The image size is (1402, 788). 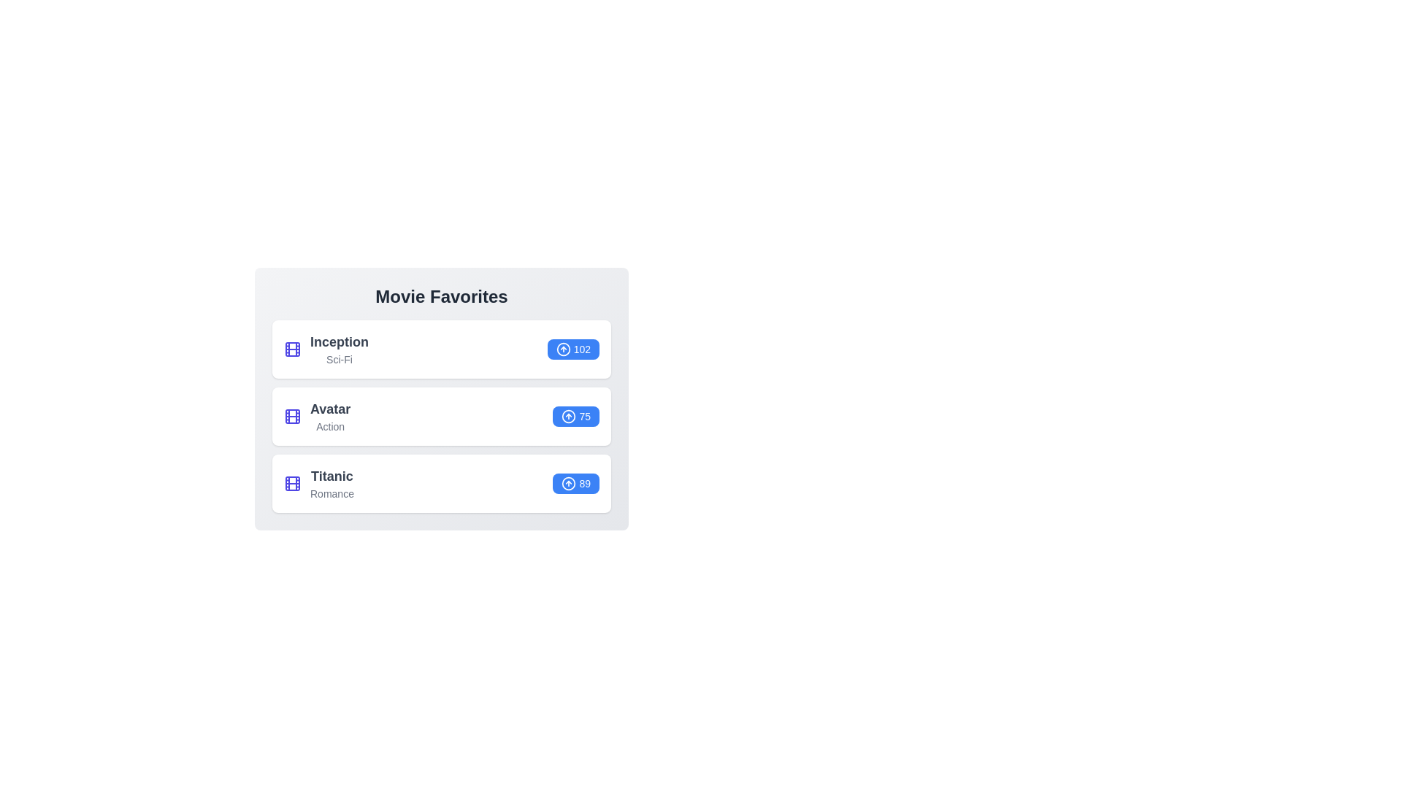 I want to click on vote button next to the movie Inception to increment its vote count, so click(x=572, y=349).